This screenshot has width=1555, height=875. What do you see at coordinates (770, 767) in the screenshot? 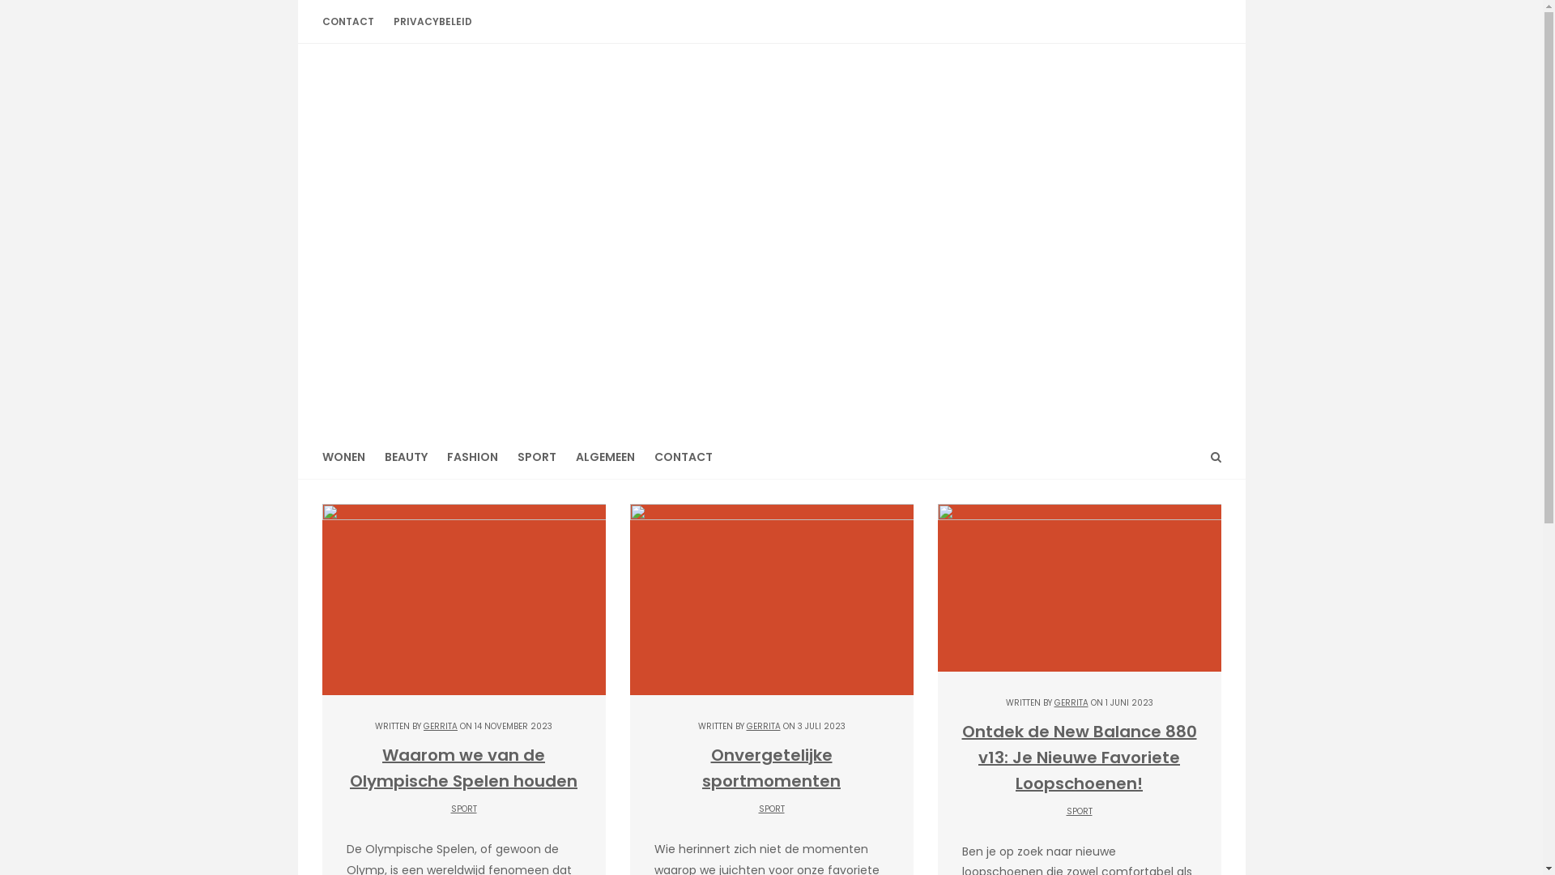
I see `'Onvergetelijke sportmomenten'` at bounding box center [770, 767].